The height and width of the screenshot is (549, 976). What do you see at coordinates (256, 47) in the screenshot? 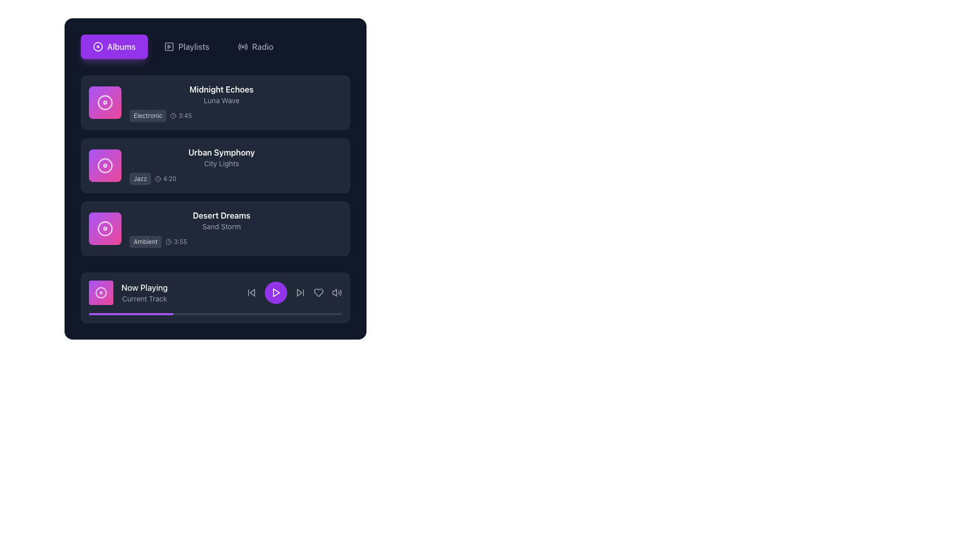
I see `the 'Radio' button, which features a radio signal icon and the text 'Radio', positioned between 'Playlists' and the rest of the interface in the horizontal navigation section labeled 'Albums Playlists Radio'` at bounding box center [256, 47].